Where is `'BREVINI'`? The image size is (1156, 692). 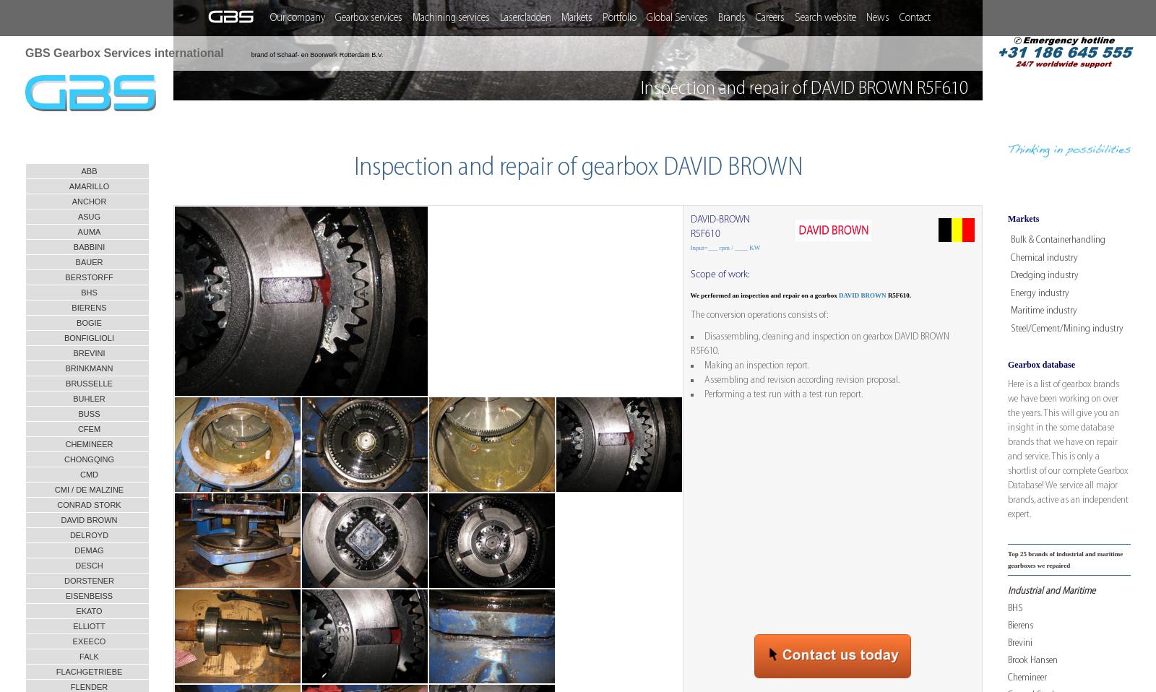 'BREVINI' is located at coordinates (88, 352).